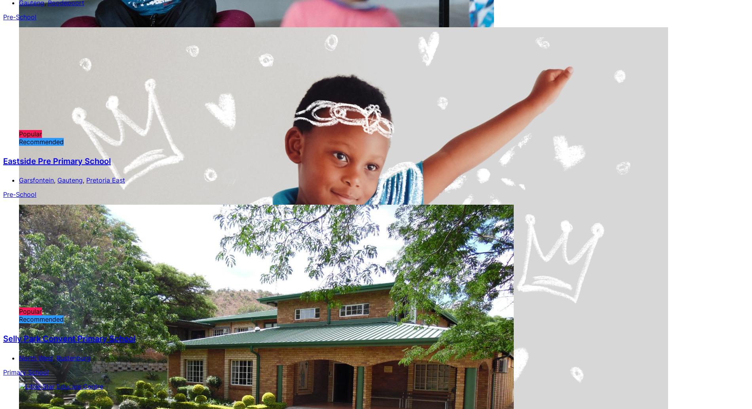 The image size is (752, 409). I want to click on 'North West', so click(19, 357).